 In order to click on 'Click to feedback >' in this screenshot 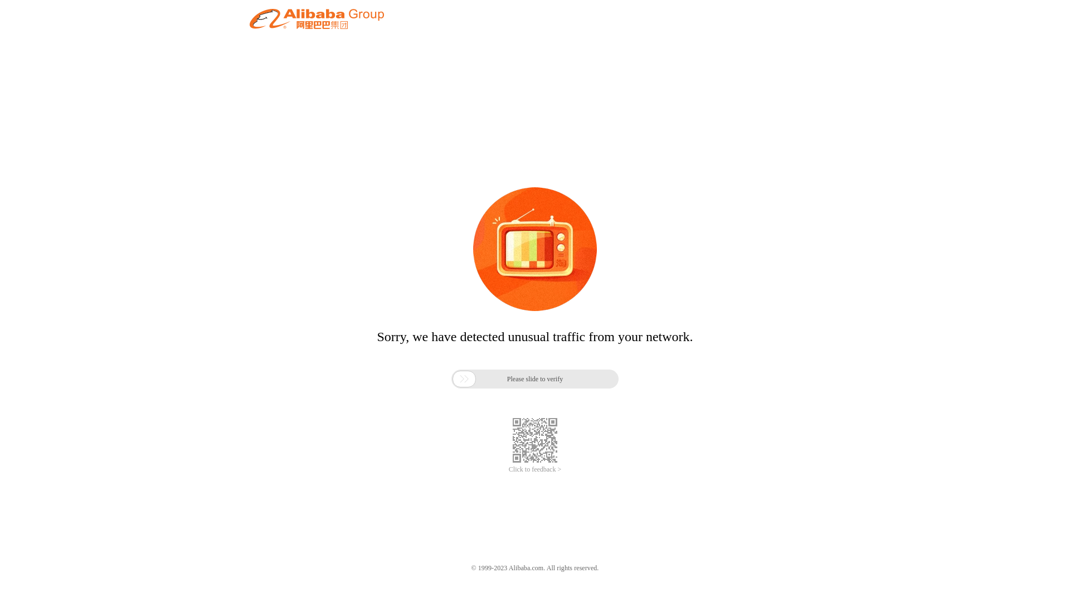, I will do `click(535, 469)`.